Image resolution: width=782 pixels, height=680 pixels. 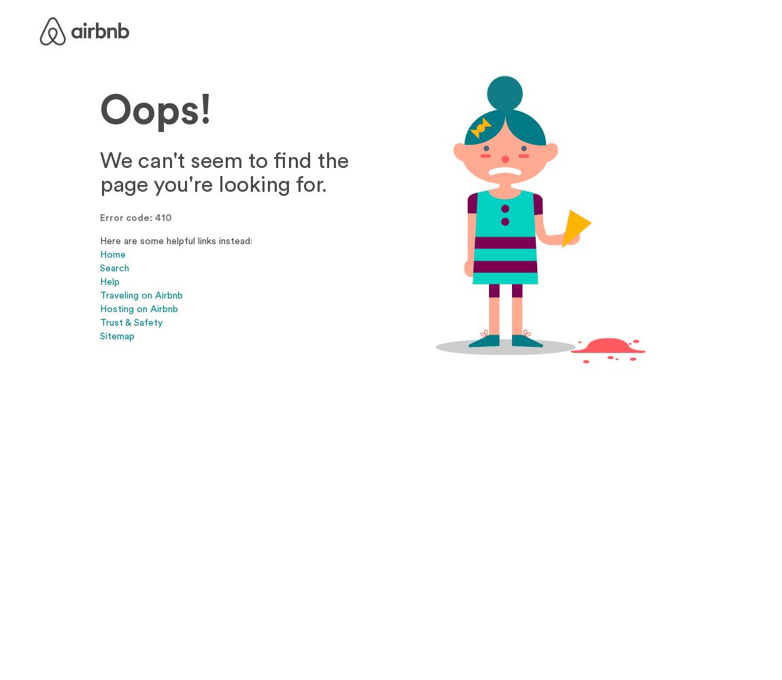 What do you see at coordinates (135, 217) in the screenshot?
I see `'Error code: 410'` at bounding box center [135, 217].